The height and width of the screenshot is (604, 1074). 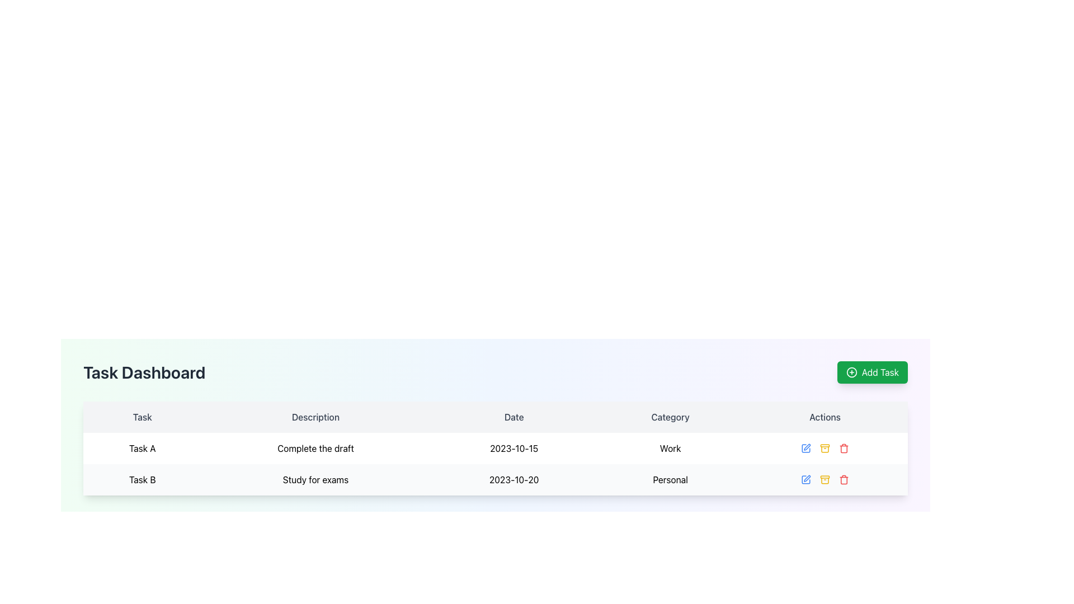 What do you see at coordinates (315, 479) in the screenshot?
I see `the text label that displays the description 'Study for exams', which is located in the second cell of the 'Description' column corresponding to 'Task B'` at bounding box center [315, 479].